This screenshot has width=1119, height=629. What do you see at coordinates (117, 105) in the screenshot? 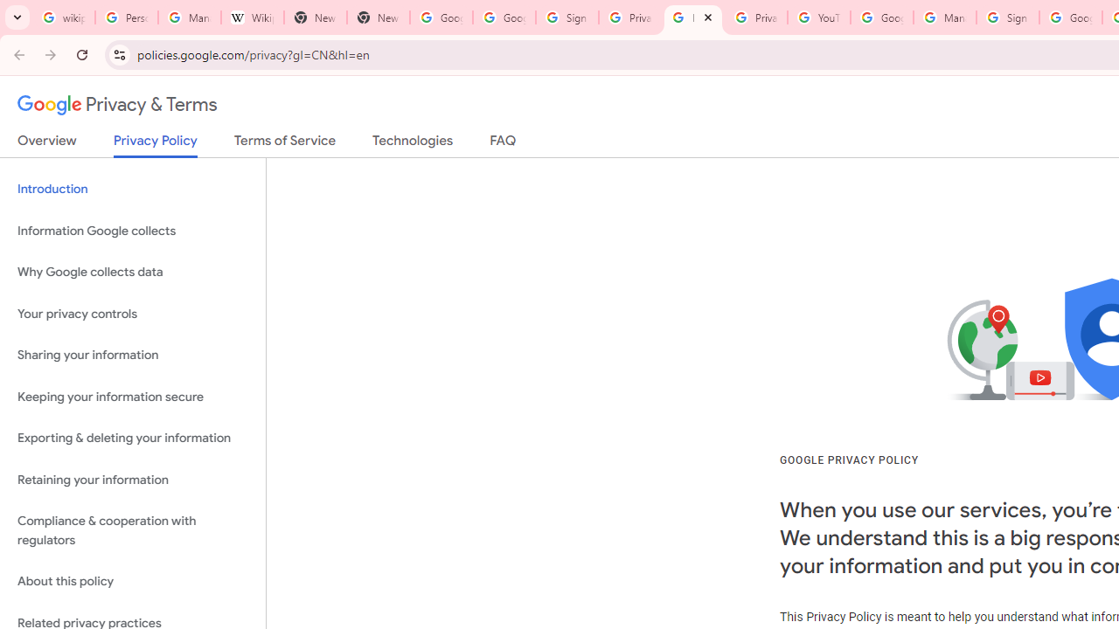
I see `'Privacy & Terms'` at bounding box center [117, 105].